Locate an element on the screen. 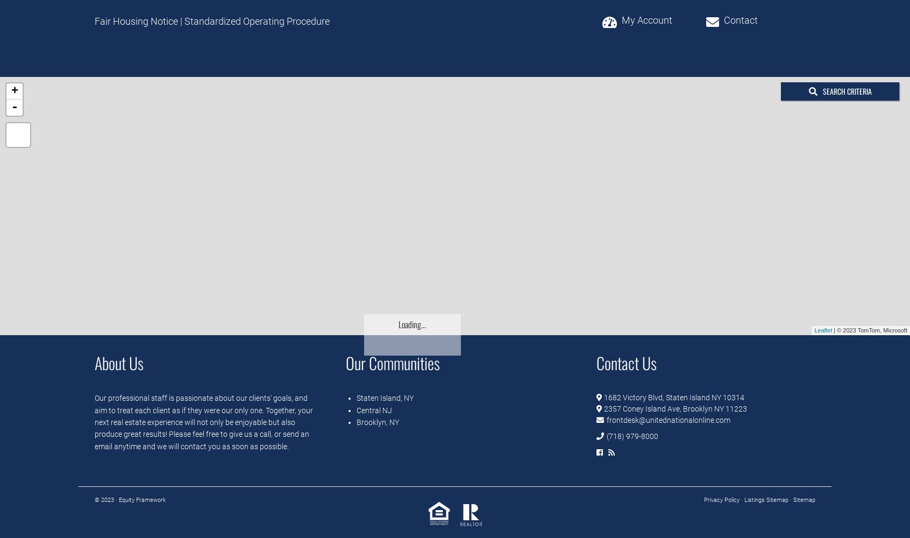  '(718) 979-8000' is located at coordinates (631, 436).